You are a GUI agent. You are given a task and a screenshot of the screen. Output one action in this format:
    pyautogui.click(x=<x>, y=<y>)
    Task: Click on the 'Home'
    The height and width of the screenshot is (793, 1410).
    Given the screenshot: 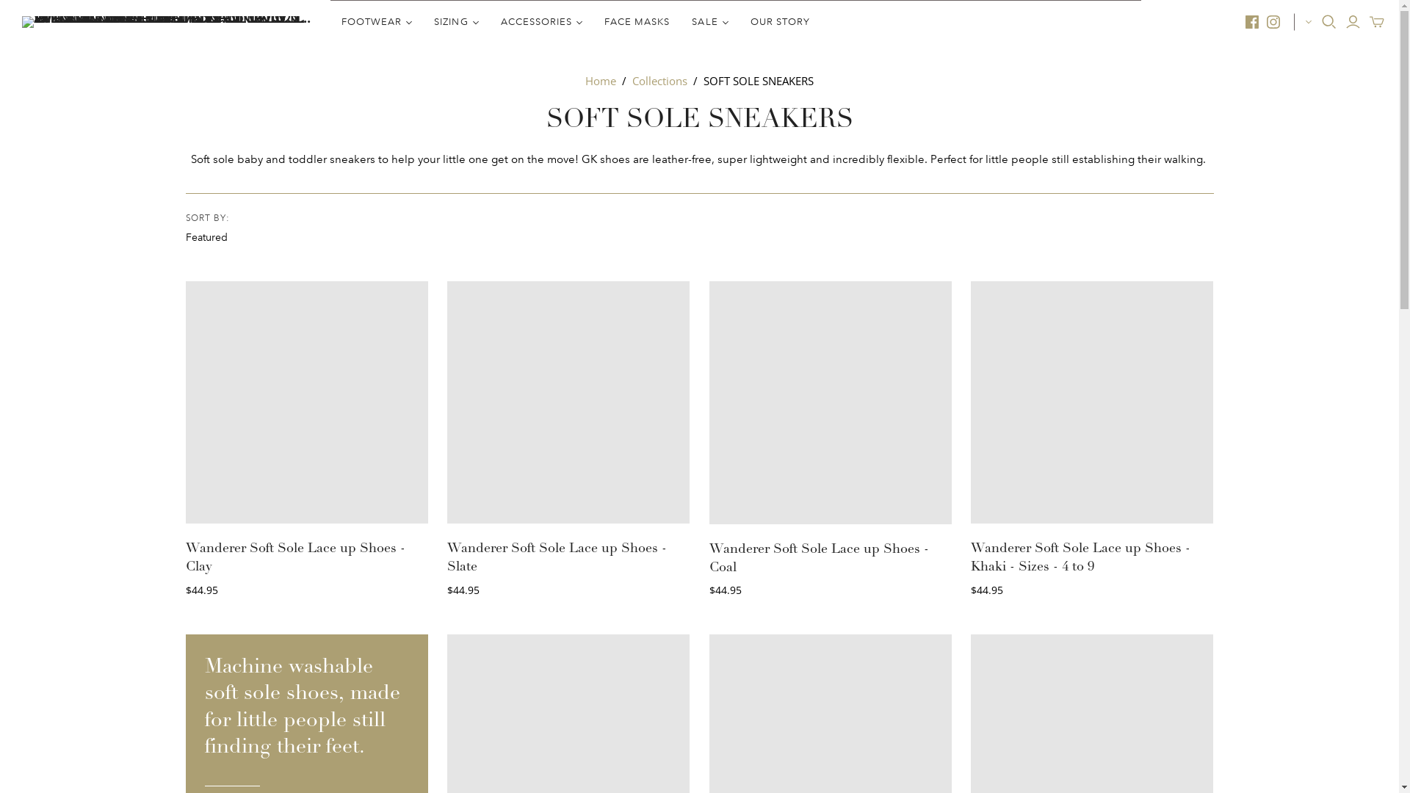 What is the action you would take?
    pyautogui.click(x=600, y=81)
    